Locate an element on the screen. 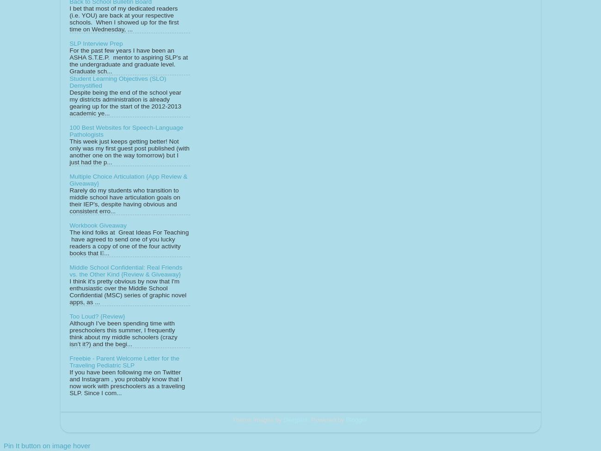 The width and height of the screenshot is (601, 451). 'Multiple Choice Articulation {App Review & Giveaway}' is located at coordinates (128, 180).